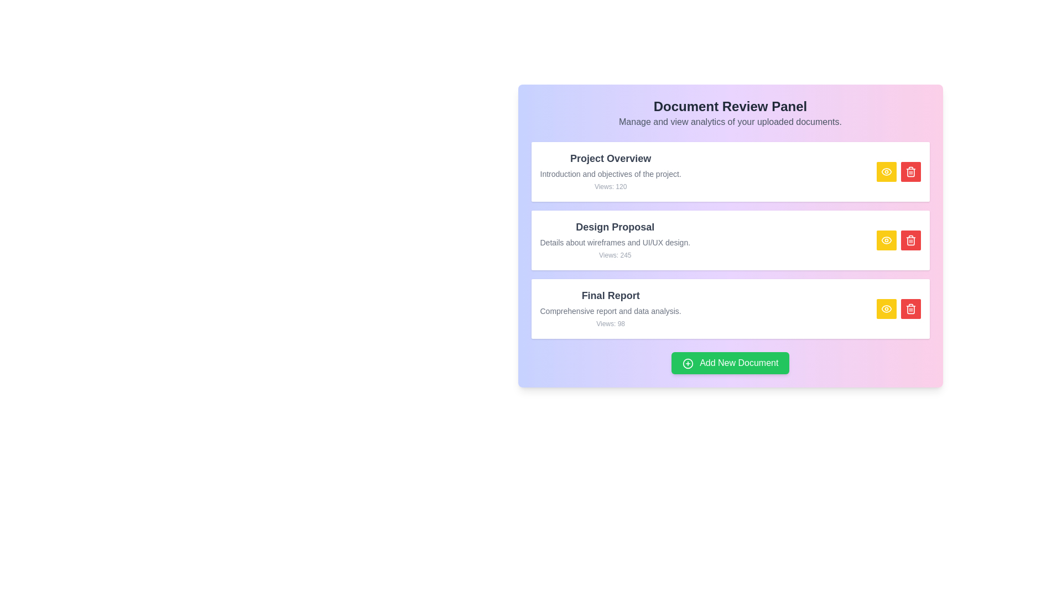 The width and height of the screenshot is (1062, 597). I want to click on view button for the document titled 'Design Proposal', so click(886, 240).